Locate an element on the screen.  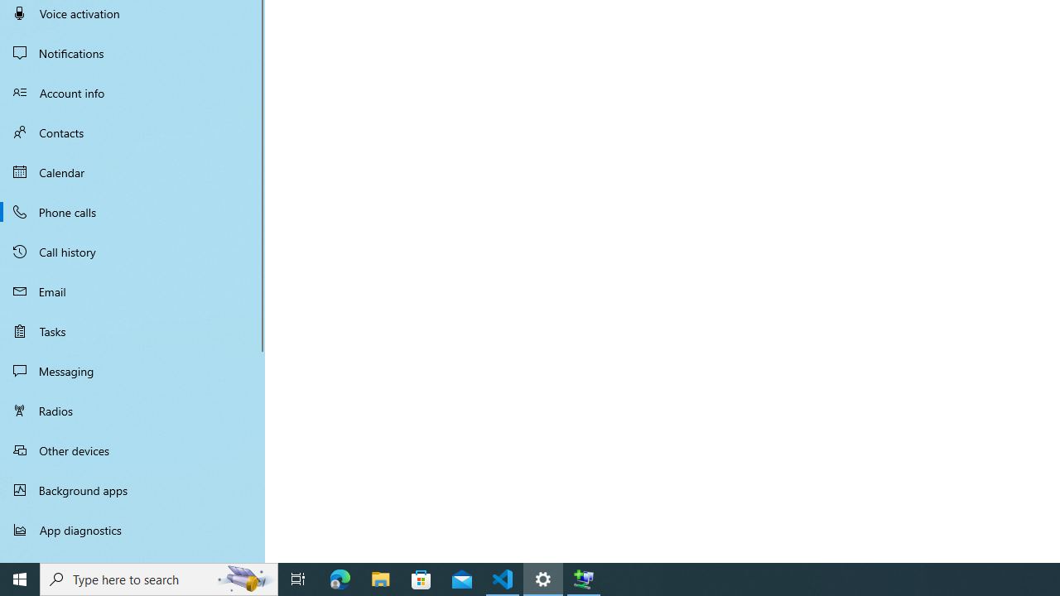
'Task View' is located at coordinates (297, 578).